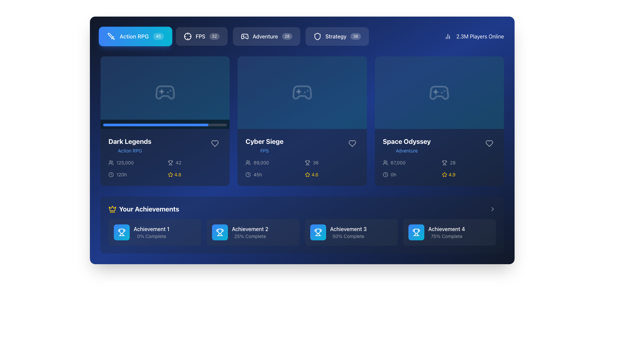  I want to click on the decorative circle that forms the boundary of the clock icon, located at the bottom section of the interface, so click(111, 174).